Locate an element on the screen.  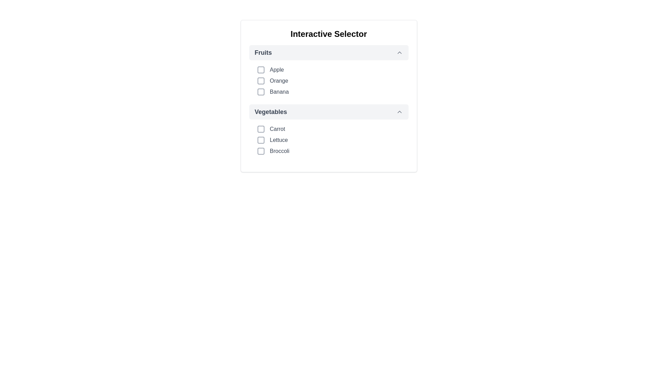
the checkbox for 'Broccoli' is located at coordinates (260, 151).